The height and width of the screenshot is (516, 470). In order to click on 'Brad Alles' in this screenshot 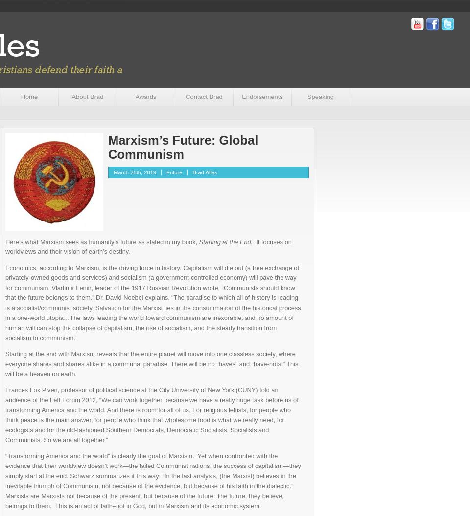, I will do `click(204, 172)`.